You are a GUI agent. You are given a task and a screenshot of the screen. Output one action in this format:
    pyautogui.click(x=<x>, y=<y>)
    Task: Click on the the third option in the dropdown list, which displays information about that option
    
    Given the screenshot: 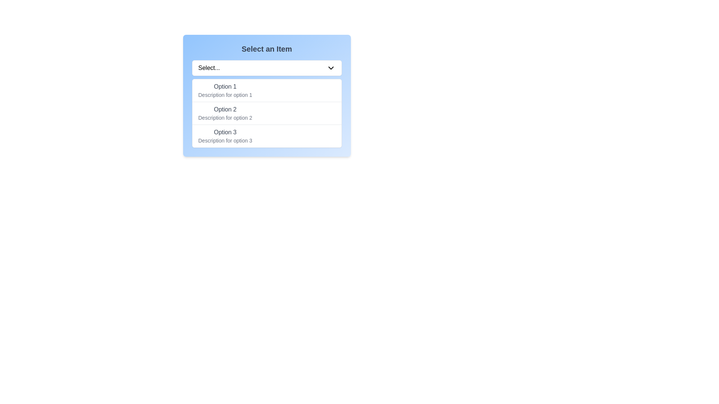 What is the action you would take?
    pyautogui.click(x=225, y=136)
    